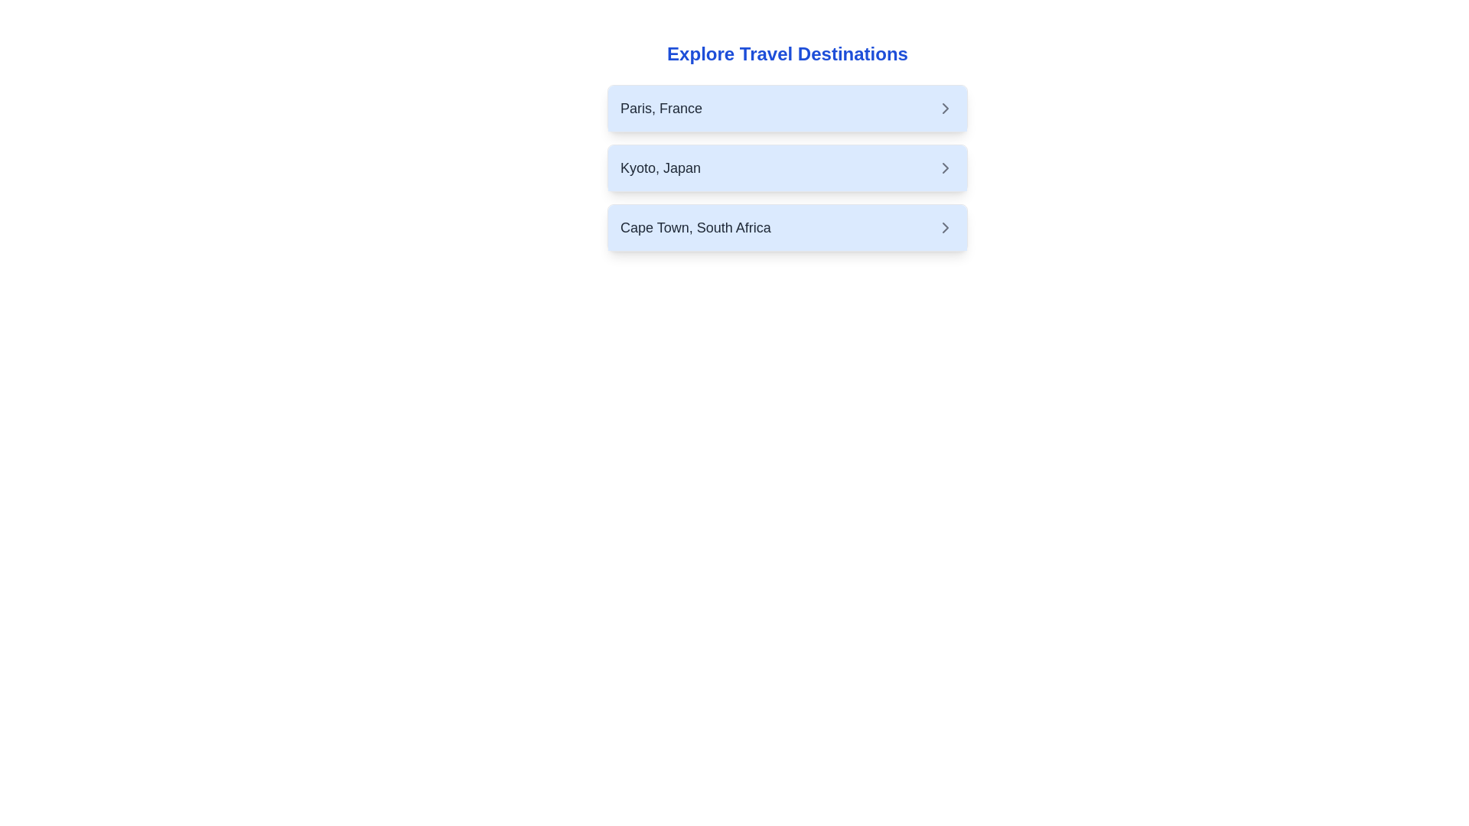 The image size is (1469, 826). Describe the element at coordinates (787, 167) in the screenshot. I see `the button` at that location.